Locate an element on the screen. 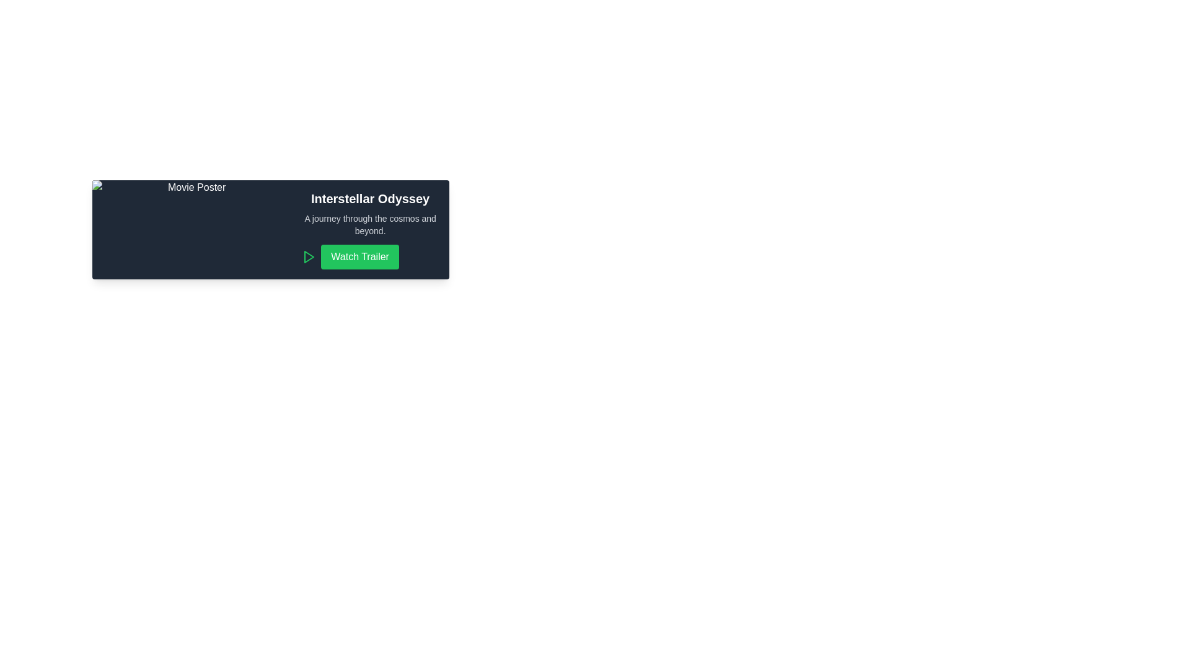 This screenshot has width=1190, height=669. the 'Watch Trailer' button in the informational block for the movie or show is located at coordinates (369, 229).